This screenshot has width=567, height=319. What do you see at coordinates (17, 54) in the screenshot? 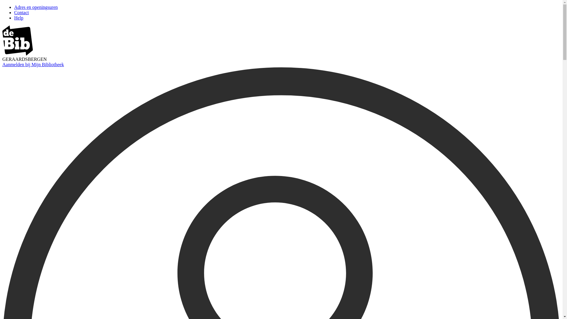
I see `'image/svg+xml'` at bounding box center [17, 54].